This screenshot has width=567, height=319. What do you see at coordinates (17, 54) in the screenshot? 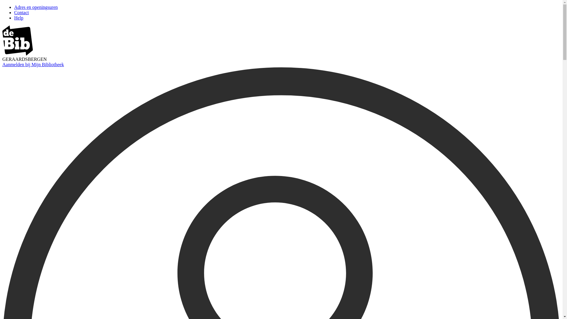
I see `'image/svg+xml'` at bounding box center [17, 54].